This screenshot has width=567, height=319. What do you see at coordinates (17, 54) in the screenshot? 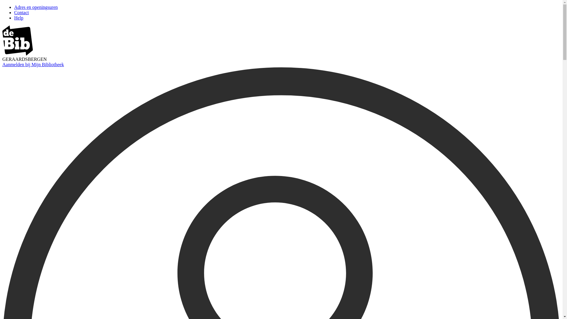
I see `'image/svg+xml'` at bounding box center [17, 54].